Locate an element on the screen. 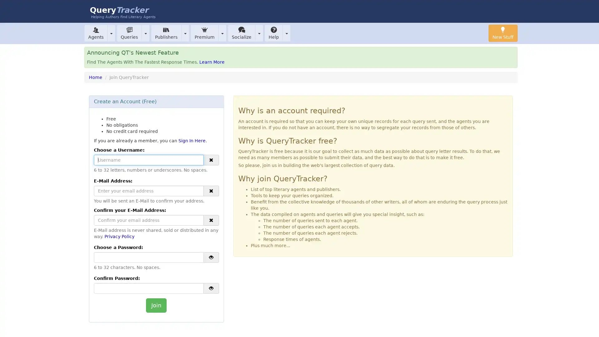 The height and width of the screenshot is (337, 599). Toggle Dropdown is located at coordinates (111, 33).